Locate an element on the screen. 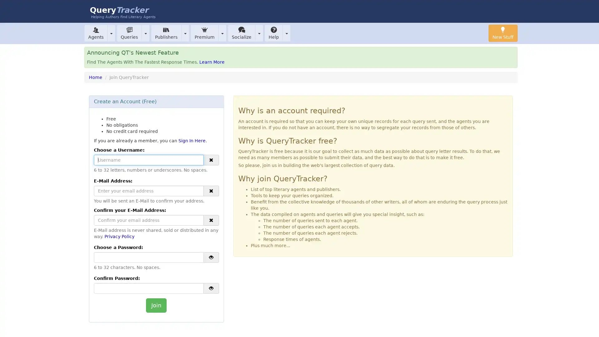 The height and width of the screenshot is (337, 599). Toggle Dropdown is located at coordinates (111, 33).